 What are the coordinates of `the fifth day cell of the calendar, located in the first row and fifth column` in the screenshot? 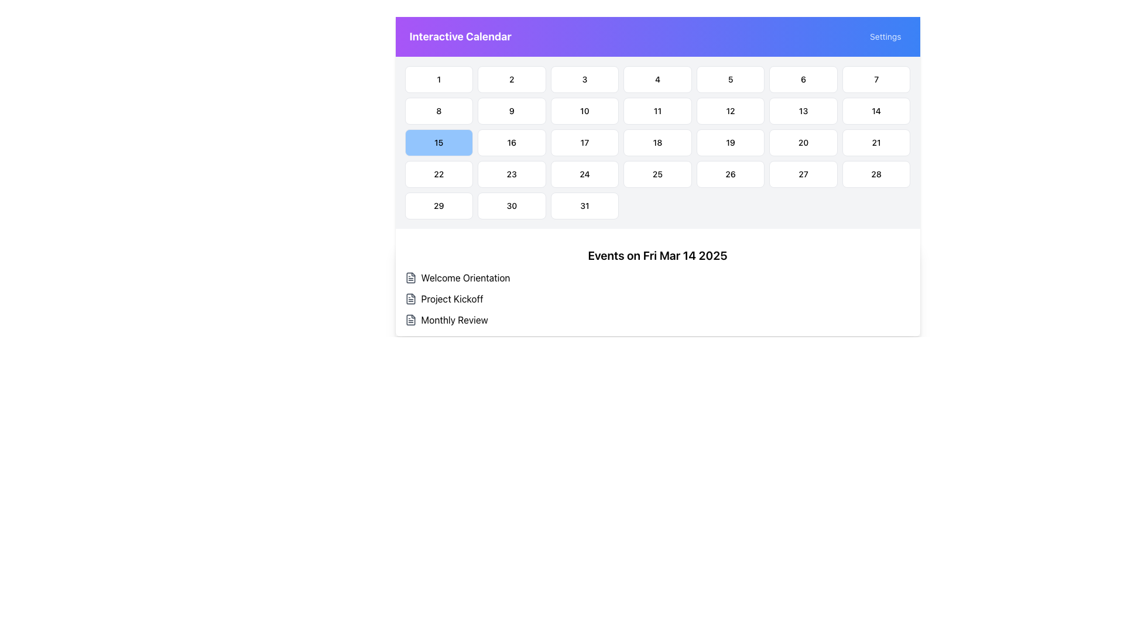 It's located at (730, 79).